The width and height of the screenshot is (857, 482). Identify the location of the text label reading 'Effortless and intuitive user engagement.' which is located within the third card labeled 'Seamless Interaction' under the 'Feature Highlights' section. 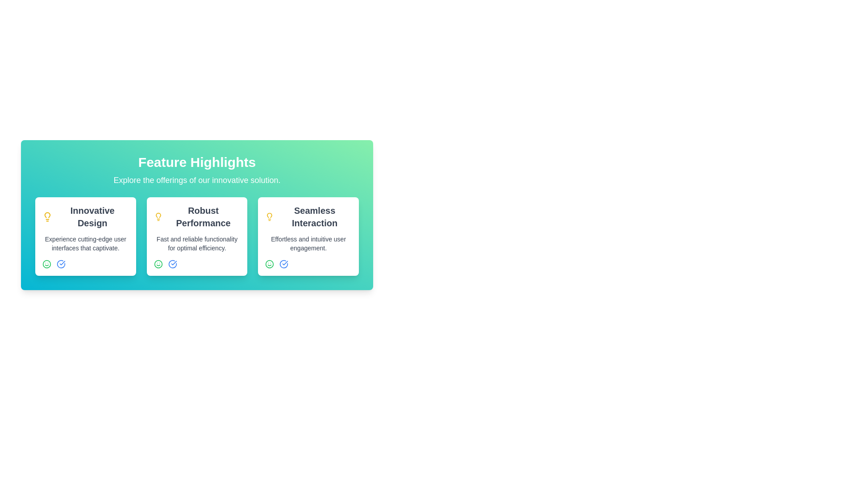
(308, 244).